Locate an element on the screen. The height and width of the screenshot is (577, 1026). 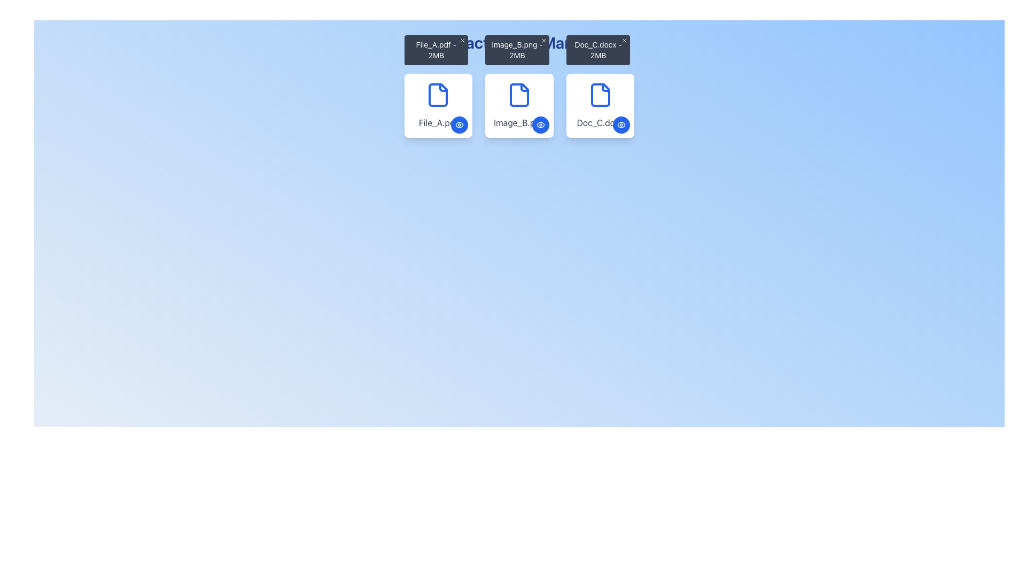
the interactive button located at the bottom-right corner of the document card titled 'Doc_C.docx - 2MB' is located at coordinates (621, 124).